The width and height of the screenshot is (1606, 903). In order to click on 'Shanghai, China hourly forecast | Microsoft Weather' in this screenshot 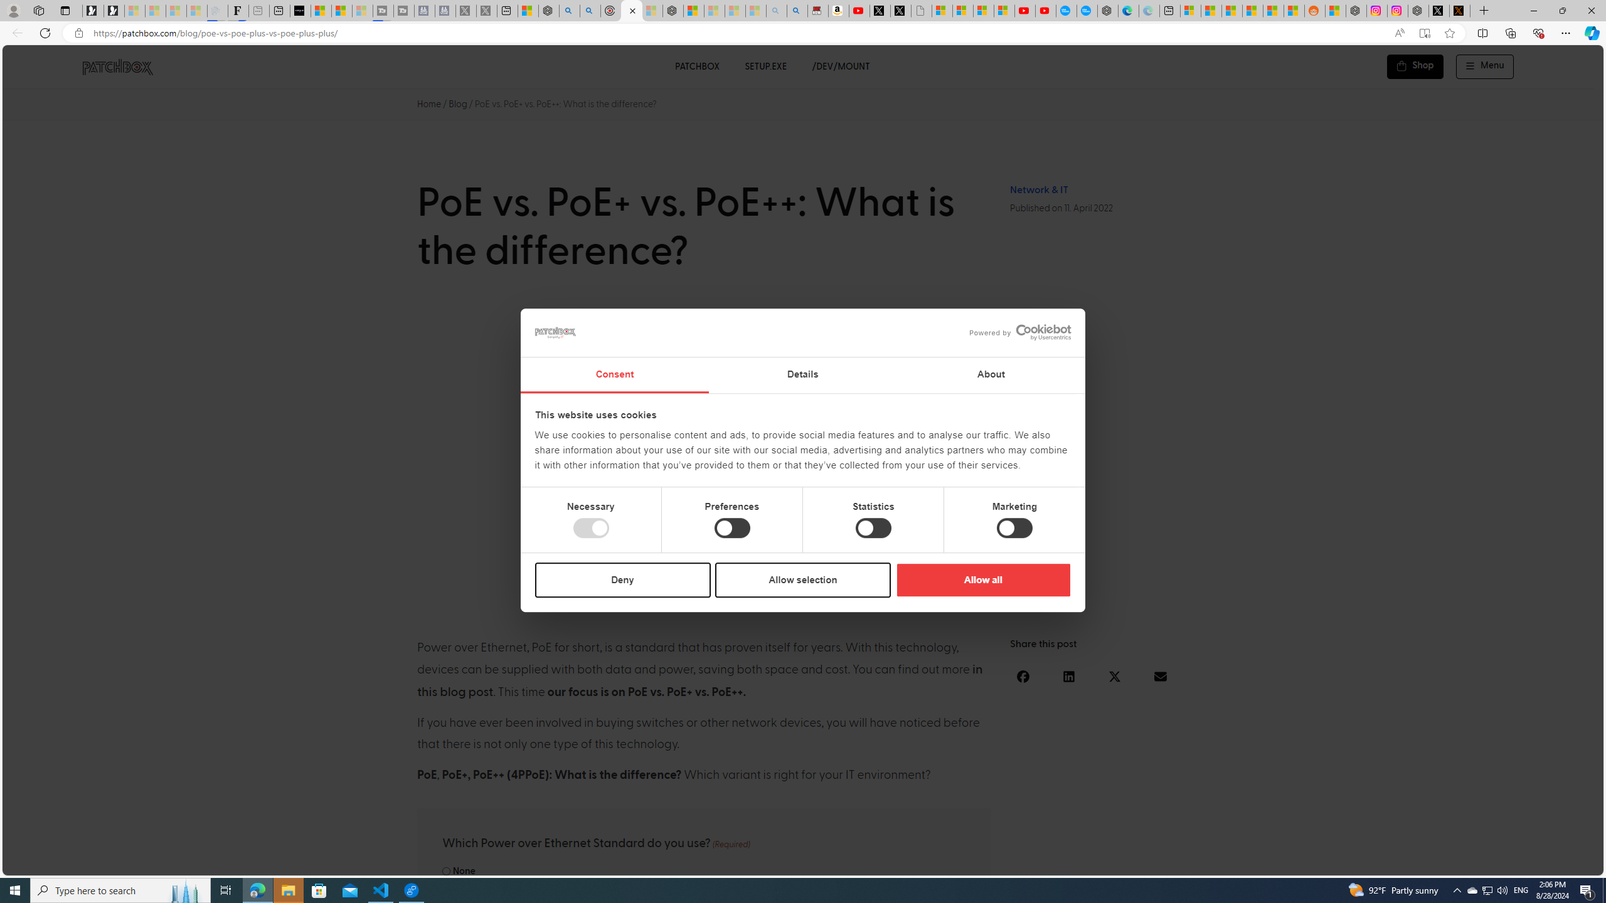, I will do `click(1231, 10)`.